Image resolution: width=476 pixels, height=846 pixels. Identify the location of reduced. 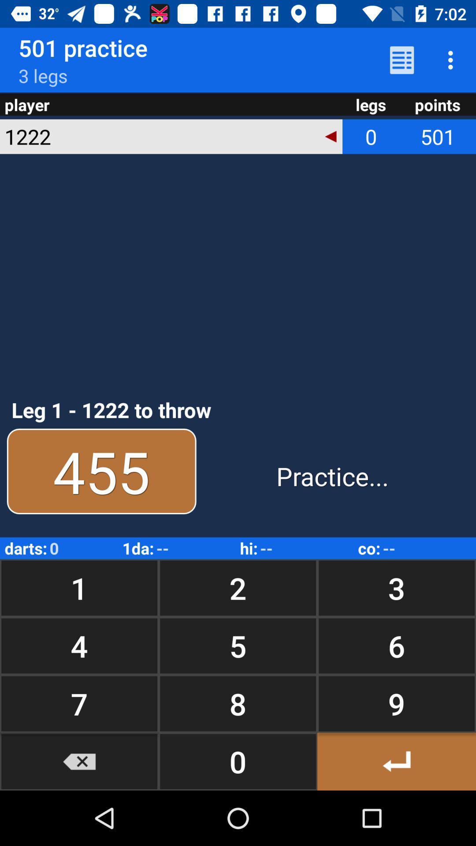
(79, 761).